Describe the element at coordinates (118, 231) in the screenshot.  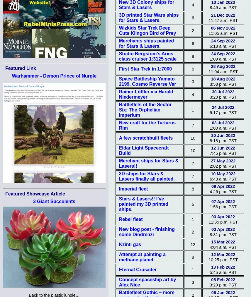
I see `'New blog post - finishing some Dindrenzi'` at that location.